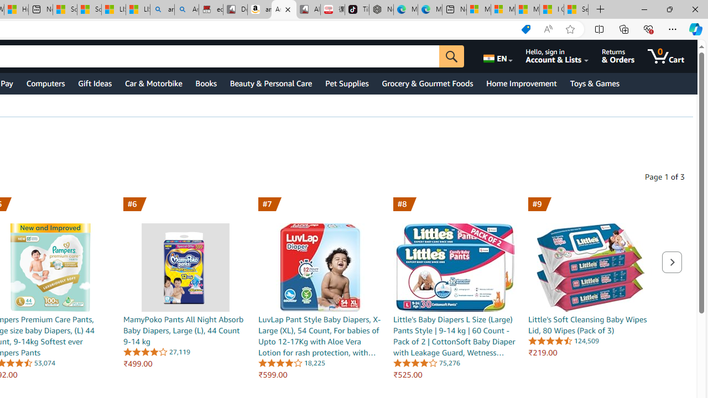 Image resolution: width=708 pixels, height=398 pixels. I want to click on 'Little', so click(590, 267).